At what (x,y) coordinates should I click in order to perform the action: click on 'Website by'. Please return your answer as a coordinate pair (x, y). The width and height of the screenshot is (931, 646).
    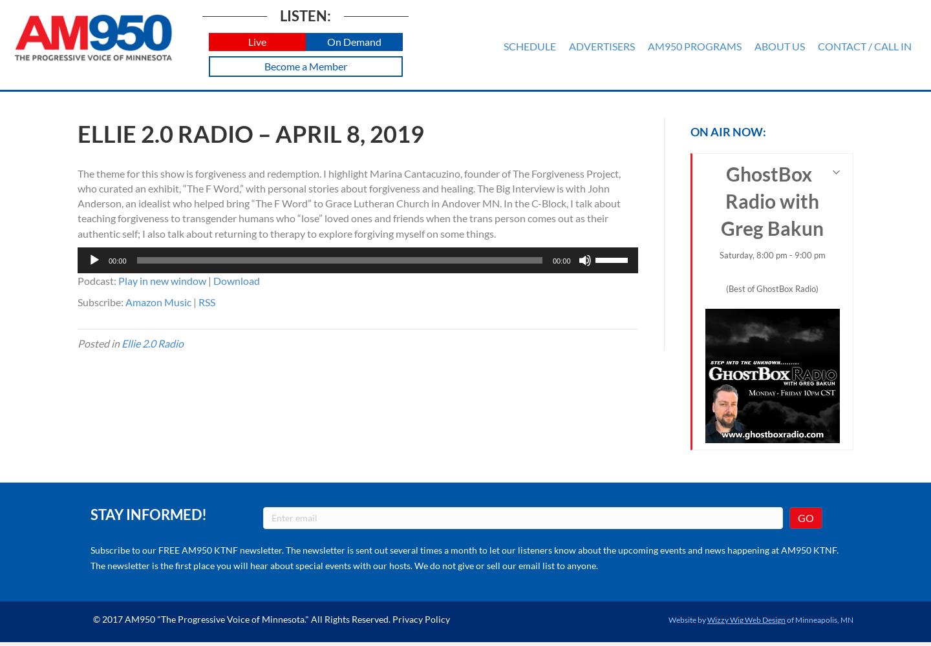
    Looking at the image, I should click on (688, 619).